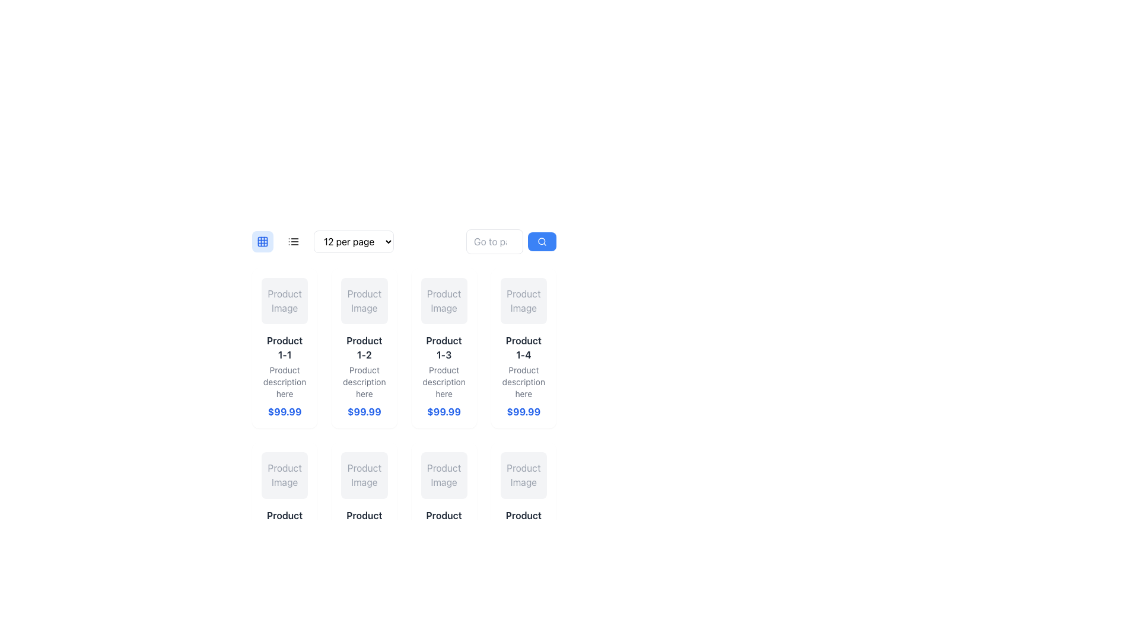 This screenshot has width=1139, height=640. I want to click on product title text label located in the fourth product card of the last row in the product grid, positioned above the product description and price, so click(523, 521).